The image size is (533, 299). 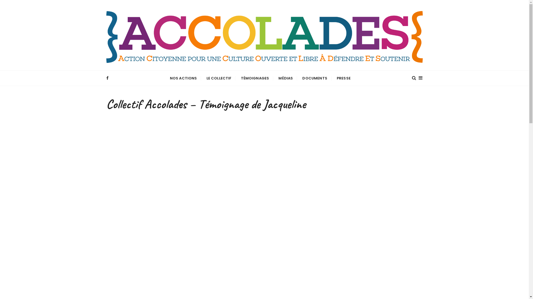 I want to click on 'DOCUMENTS', so click(x=315, y=78).